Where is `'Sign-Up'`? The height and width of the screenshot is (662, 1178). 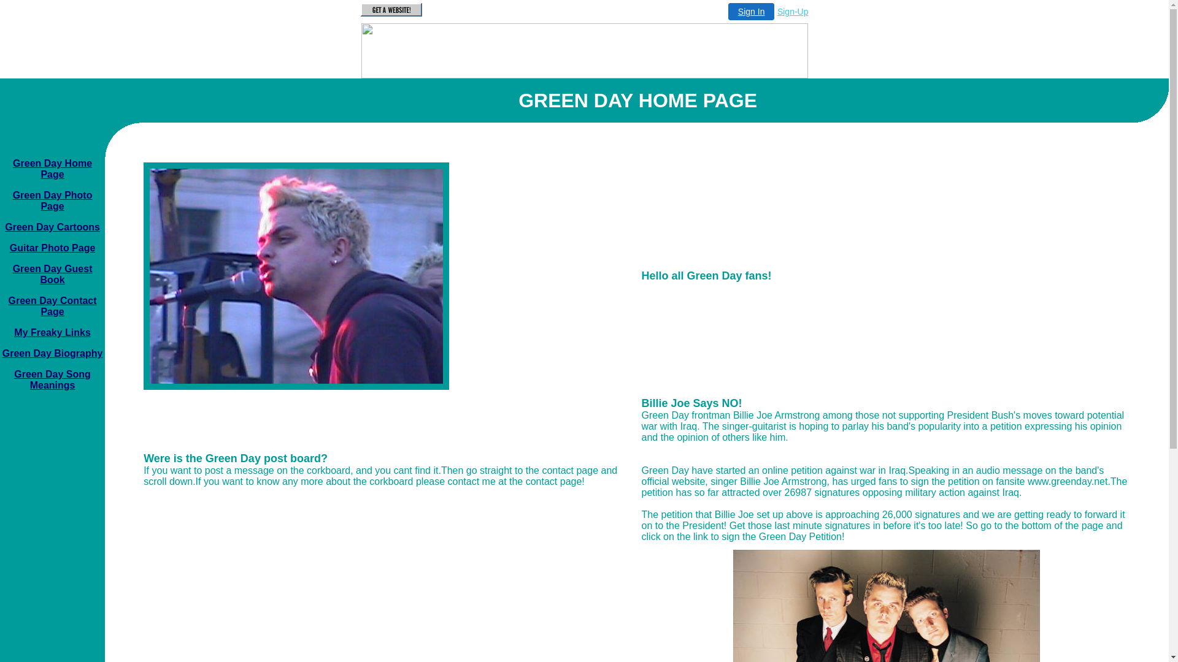 'Sign-Up' is located at coordinates (793, 12).